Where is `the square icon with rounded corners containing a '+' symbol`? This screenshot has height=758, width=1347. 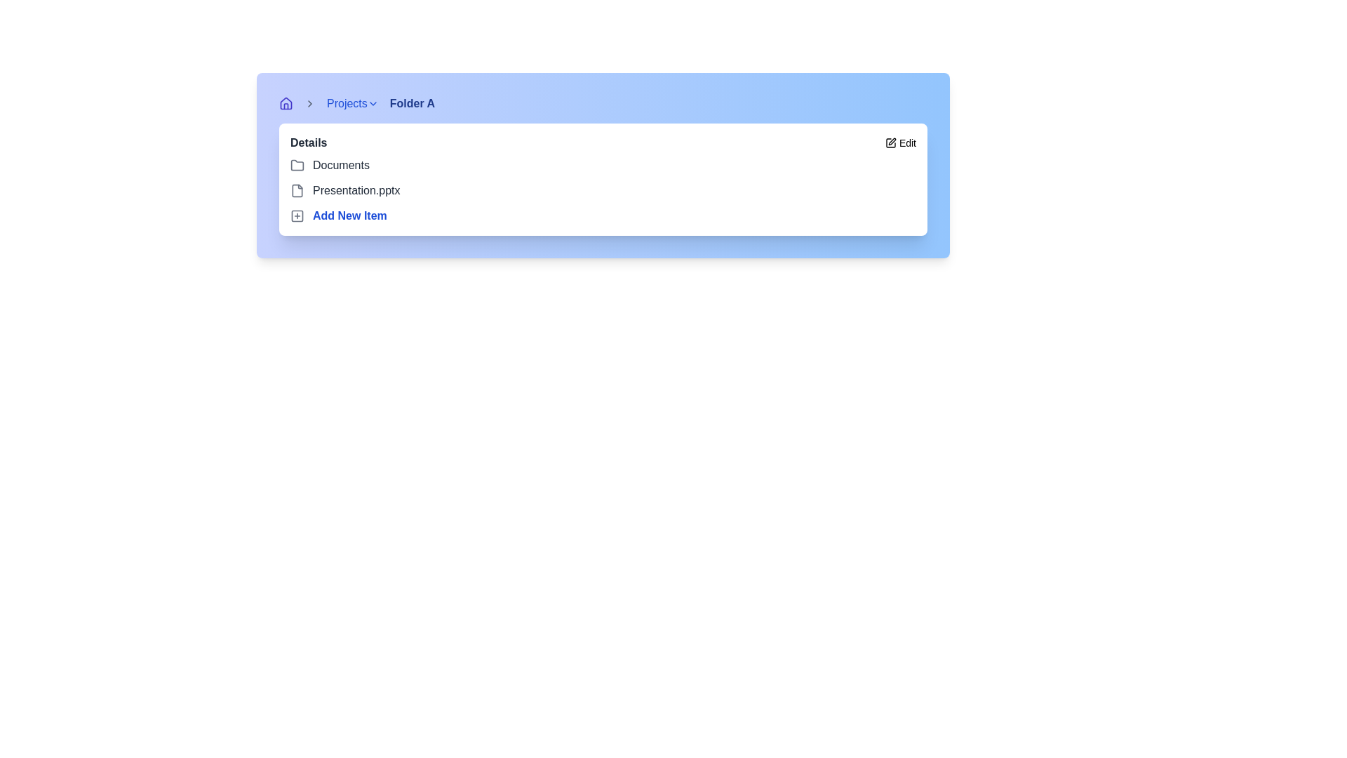 the square icon with rounded corners containing a '+' symbol is located at coordinates (296, 216).